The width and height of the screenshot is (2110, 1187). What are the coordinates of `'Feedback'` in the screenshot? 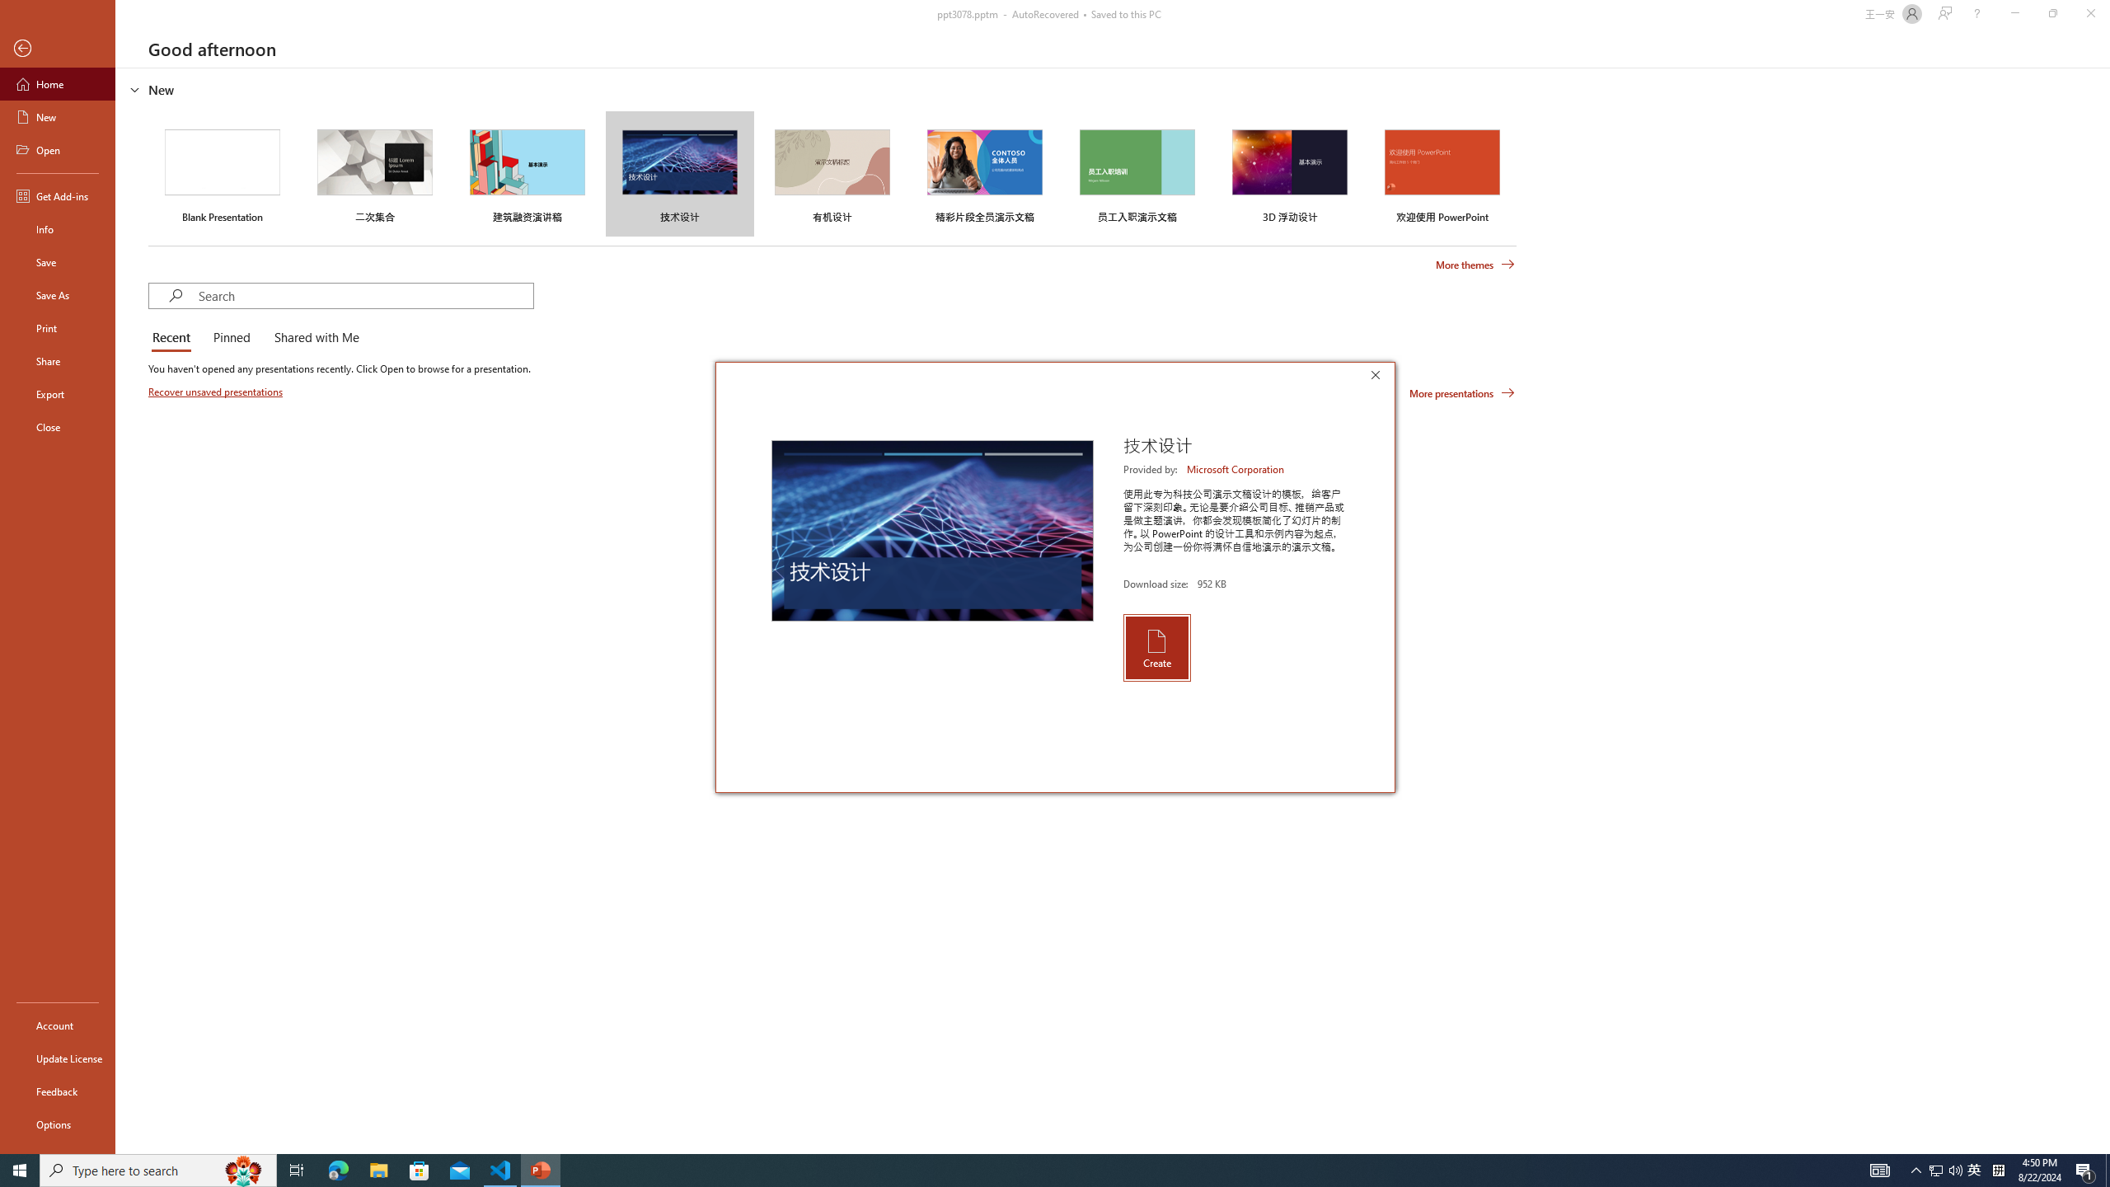 It's located at (57, 1091).